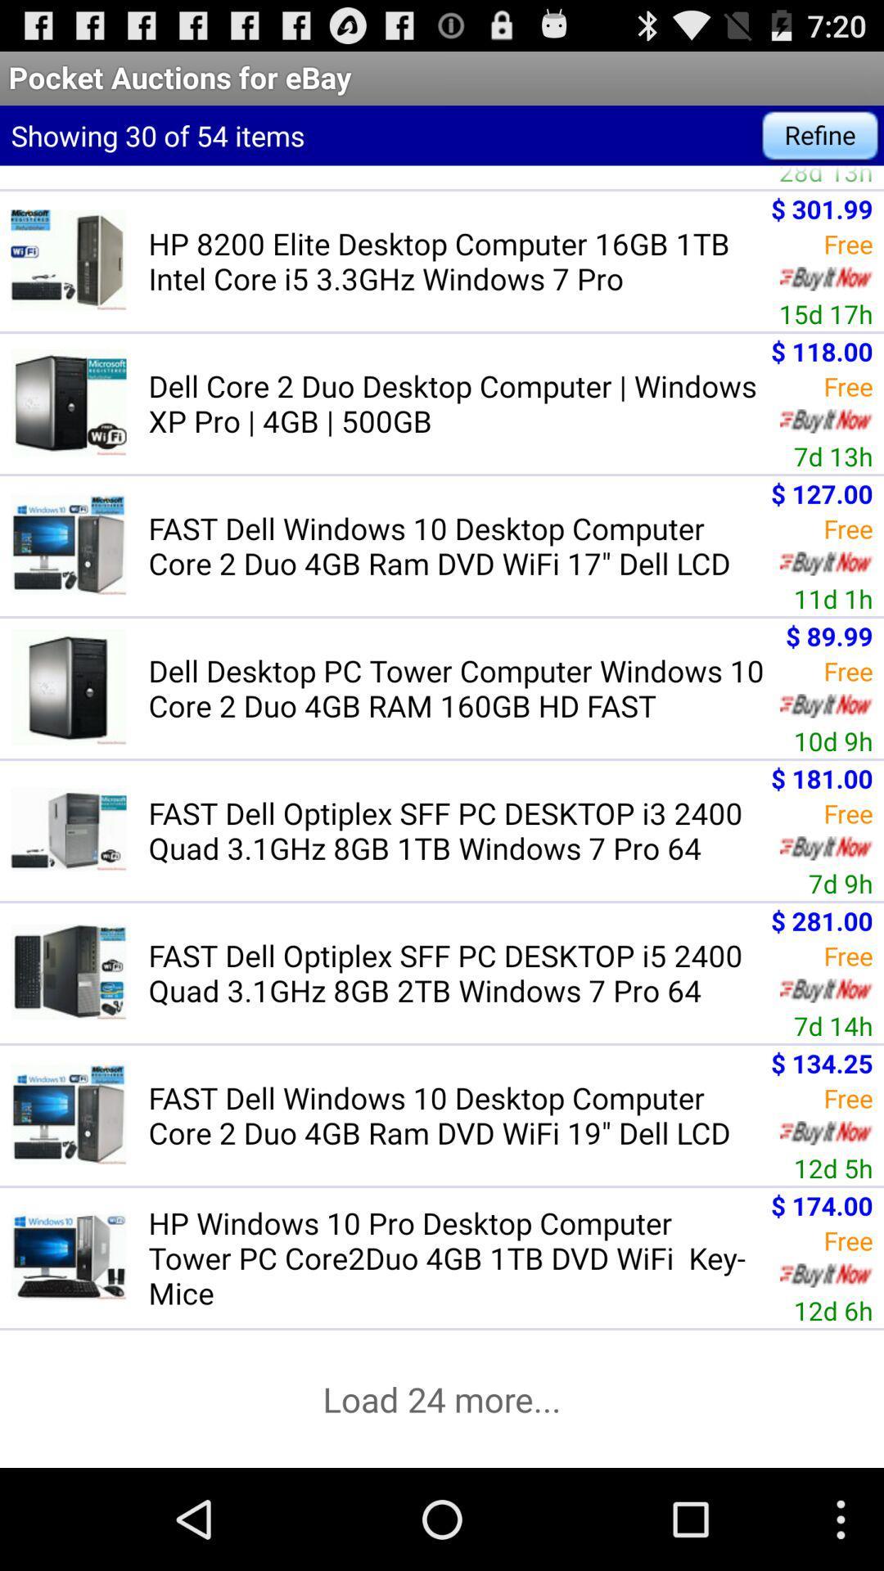  Describe the element at coordinates (833, 1167) in the screenshot. I see `the item above $ 174.00 icon` at that location.